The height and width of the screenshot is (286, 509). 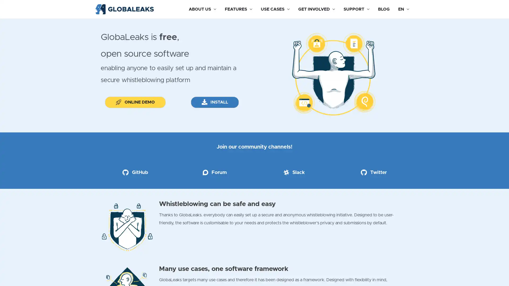 What do you see at coordinates (215, 172) in the screenshot?
I see `Forum` at bounding box center [215, 172].